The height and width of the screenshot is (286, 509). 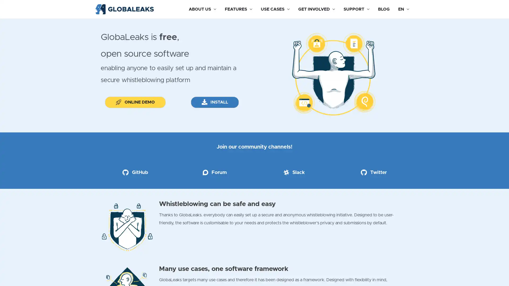 What do you see at coordinates (215, 172) in the screenshot?
I see `Forum` at bounding box center [215, 172].